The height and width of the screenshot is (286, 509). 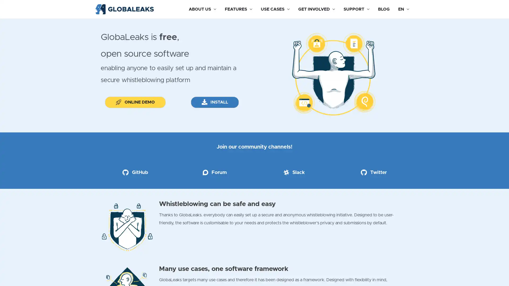 What do you see at coordinates (215, 172) in the screenshot?
I see `Forum` at bounding box center [215, 172].